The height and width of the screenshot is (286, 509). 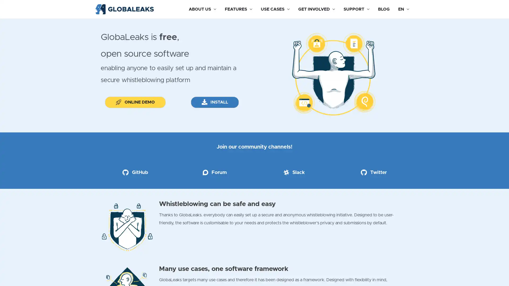 What do you see at coordinates (215, 172) in the screenshot?
I see `Forum` at bounding box center [215, 172].